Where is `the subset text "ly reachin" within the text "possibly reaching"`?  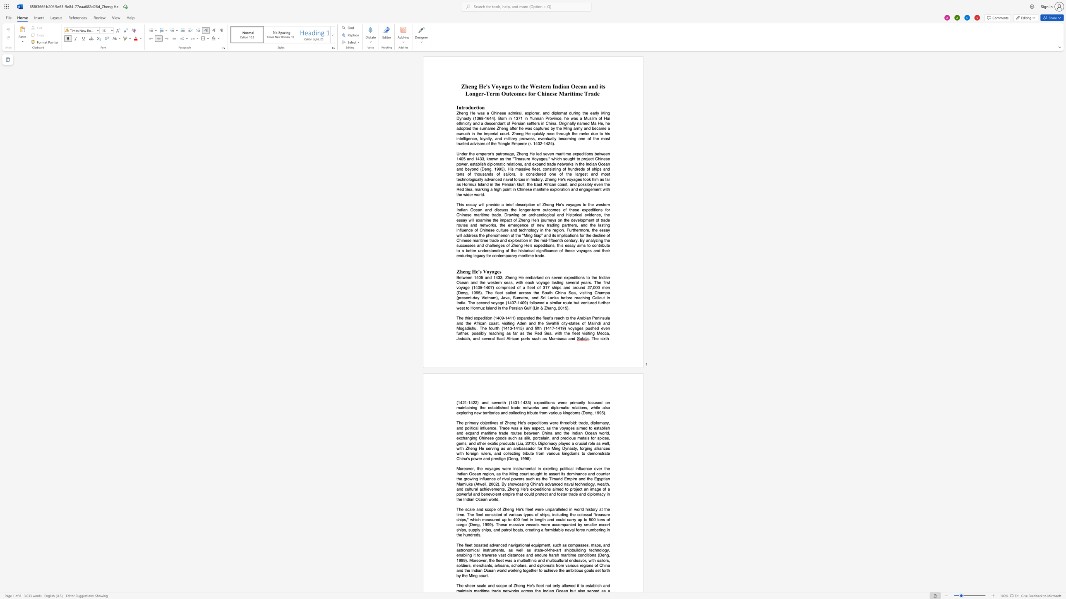 the subset text "ly reachin" within the text "possibly reaching" is located at coordinates (483, 333).